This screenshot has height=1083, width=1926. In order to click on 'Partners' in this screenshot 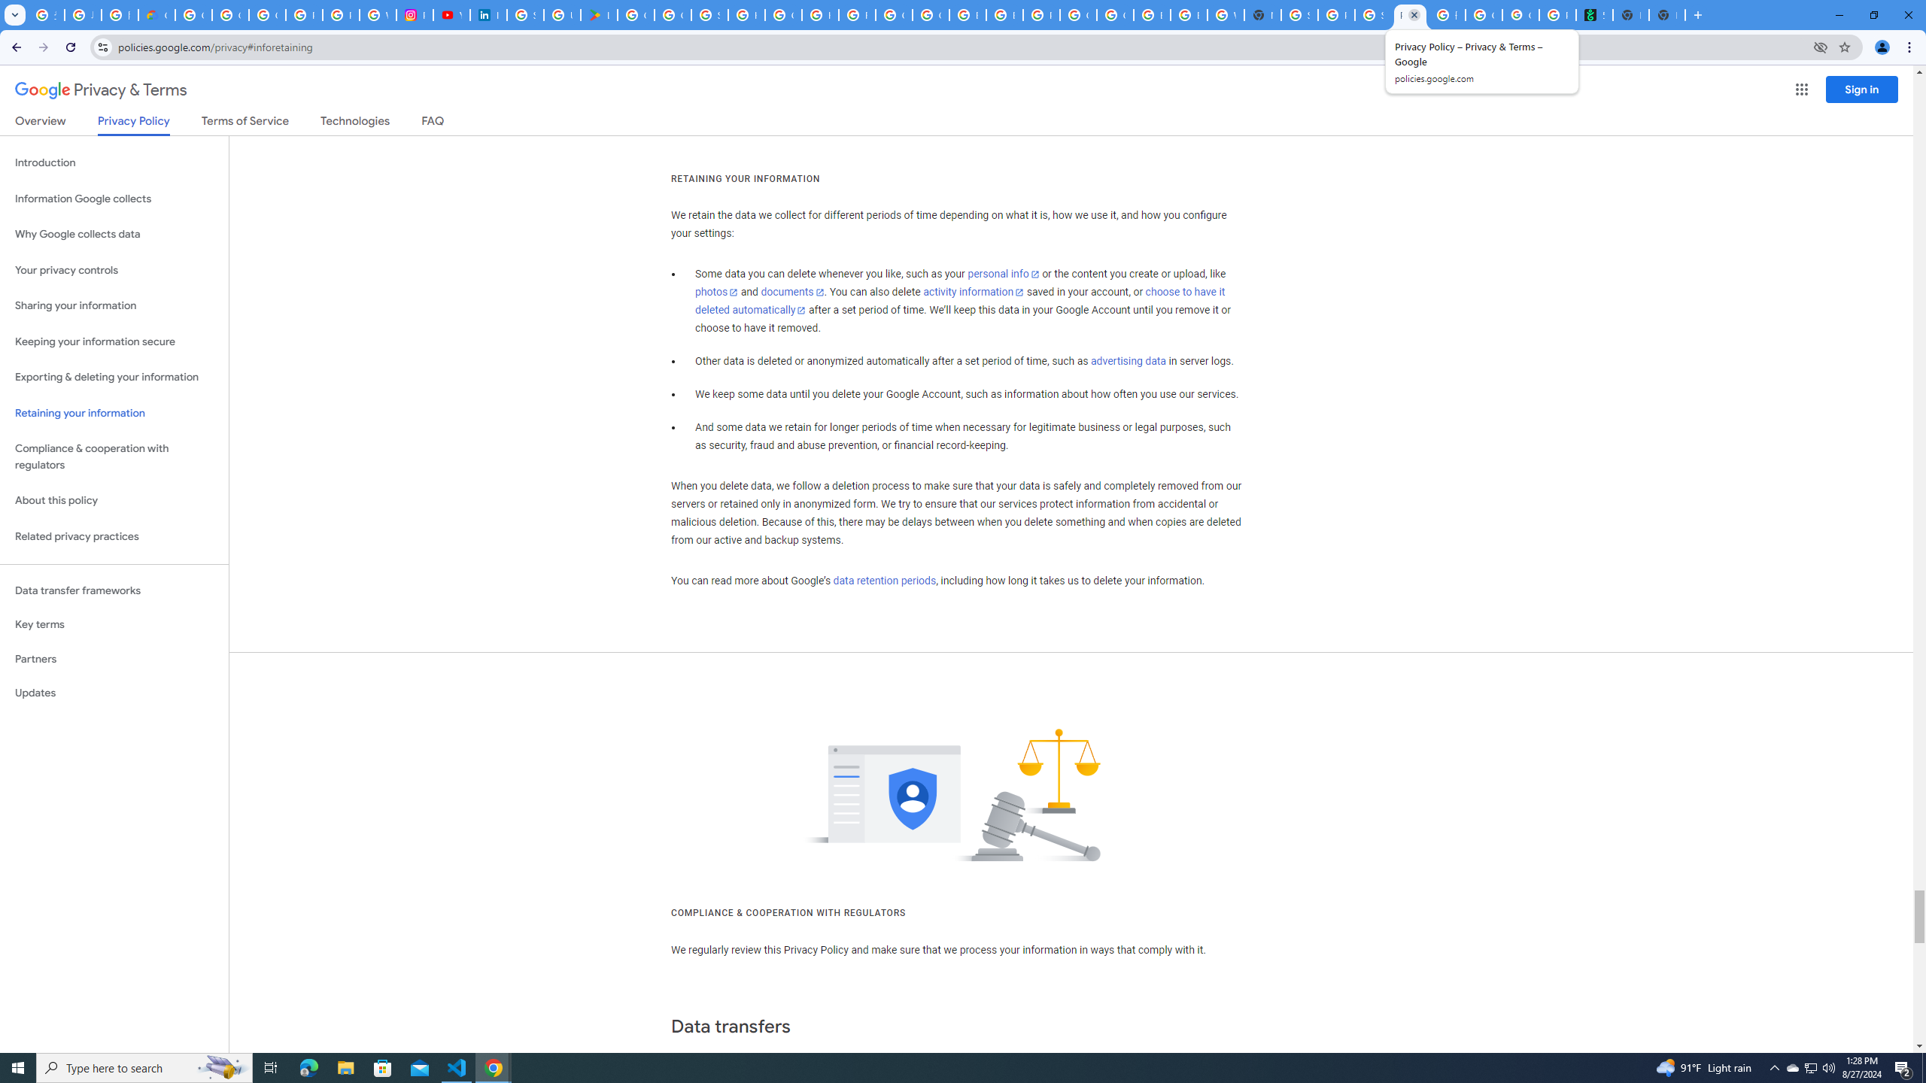, I will do `click(114, 659)`.